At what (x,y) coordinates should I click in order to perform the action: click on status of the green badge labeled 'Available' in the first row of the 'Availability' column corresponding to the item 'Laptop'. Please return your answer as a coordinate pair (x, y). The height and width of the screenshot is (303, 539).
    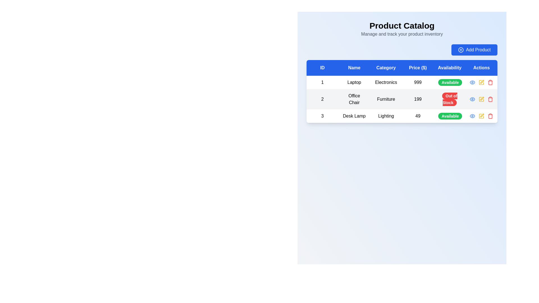
    Looking at the image, I should click on (450, 82).